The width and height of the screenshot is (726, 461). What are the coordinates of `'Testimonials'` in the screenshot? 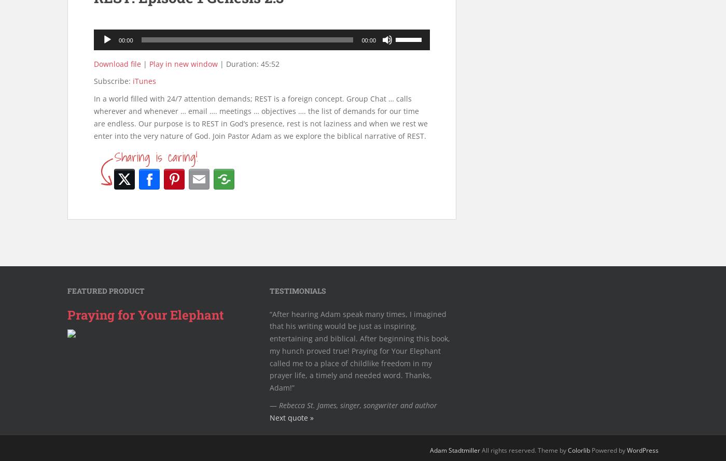 It's located at (298, 290).